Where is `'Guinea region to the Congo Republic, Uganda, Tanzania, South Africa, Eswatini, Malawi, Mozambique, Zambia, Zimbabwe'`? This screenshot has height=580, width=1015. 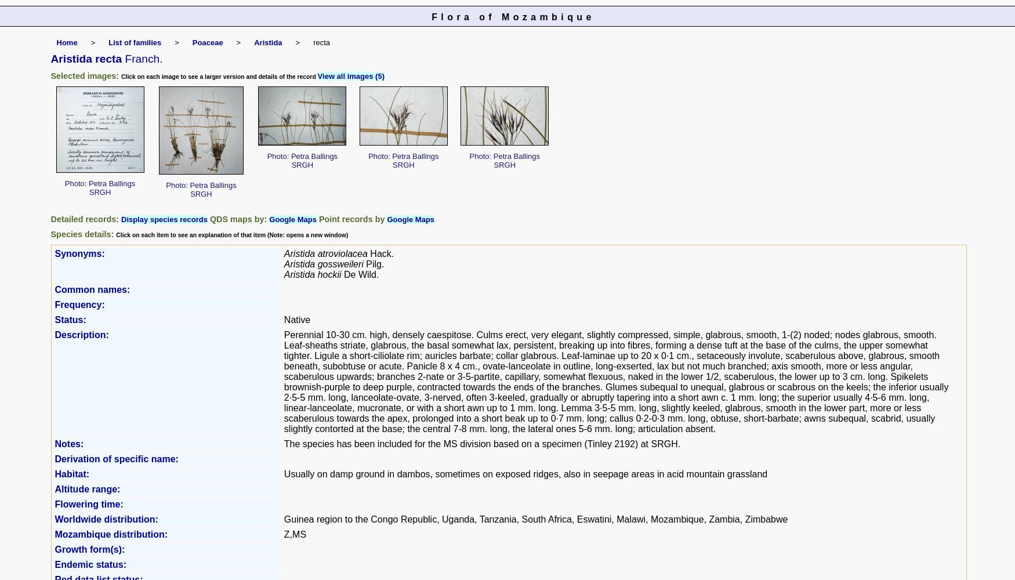 'Guinea region to the Congo Republic, Uganda, Tanzania, South Africa, Eswatini, Malawi, Mozambique, Zambia, Zimbabwe' is located at coordinates (535, 519).